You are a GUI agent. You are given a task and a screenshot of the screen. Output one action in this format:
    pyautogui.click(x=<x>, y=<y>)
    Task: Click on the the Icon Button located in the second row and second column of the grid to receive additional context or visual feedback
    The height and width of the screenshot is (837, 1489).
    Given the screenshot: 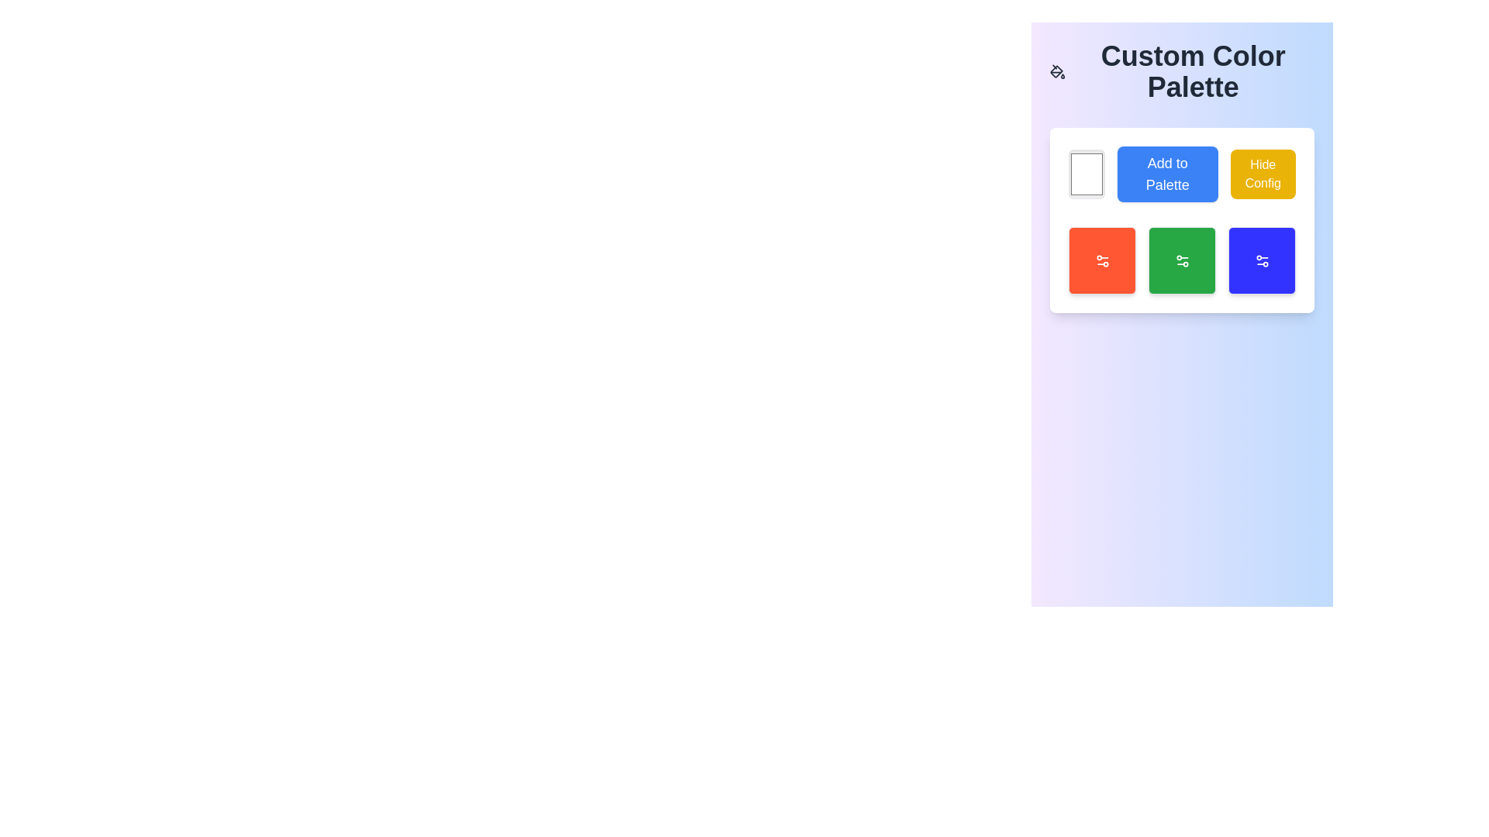 What is the action you would take?
    pyautogui.click(x=1181, y=260)
    